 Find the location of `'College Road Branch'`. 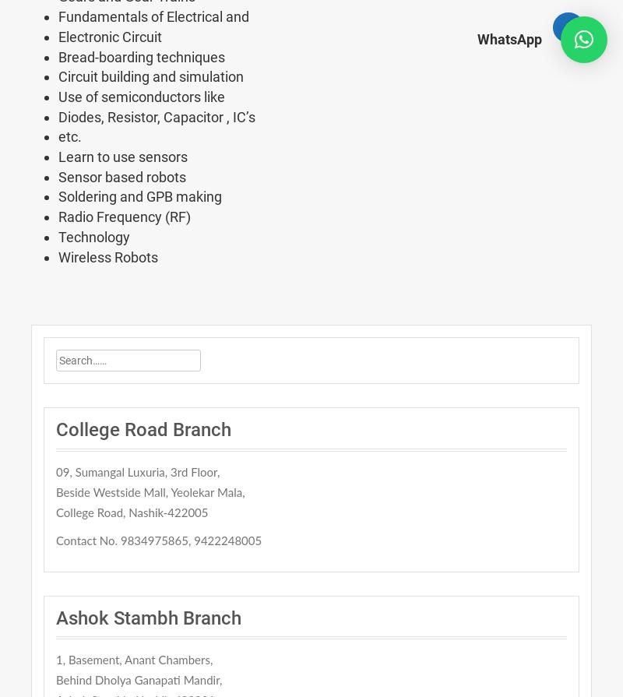

'College Road Branch' is located at coordinates (143, 429).